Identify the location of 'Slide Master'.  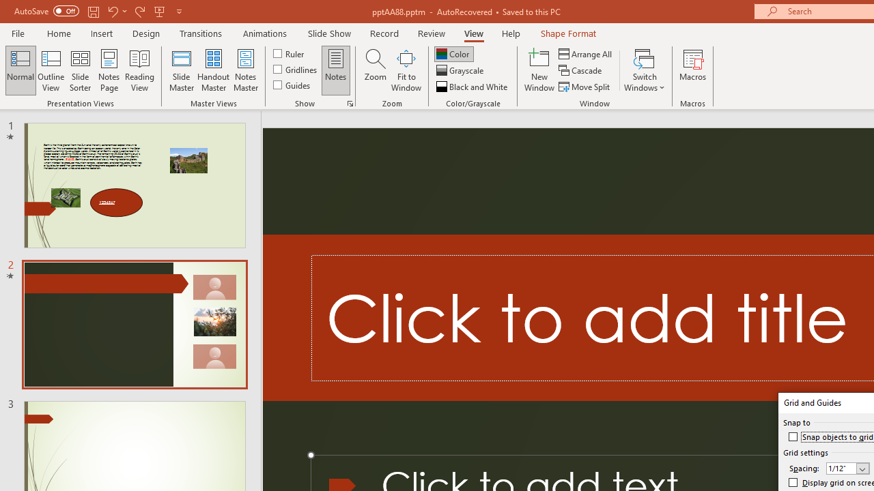
(180, 70).